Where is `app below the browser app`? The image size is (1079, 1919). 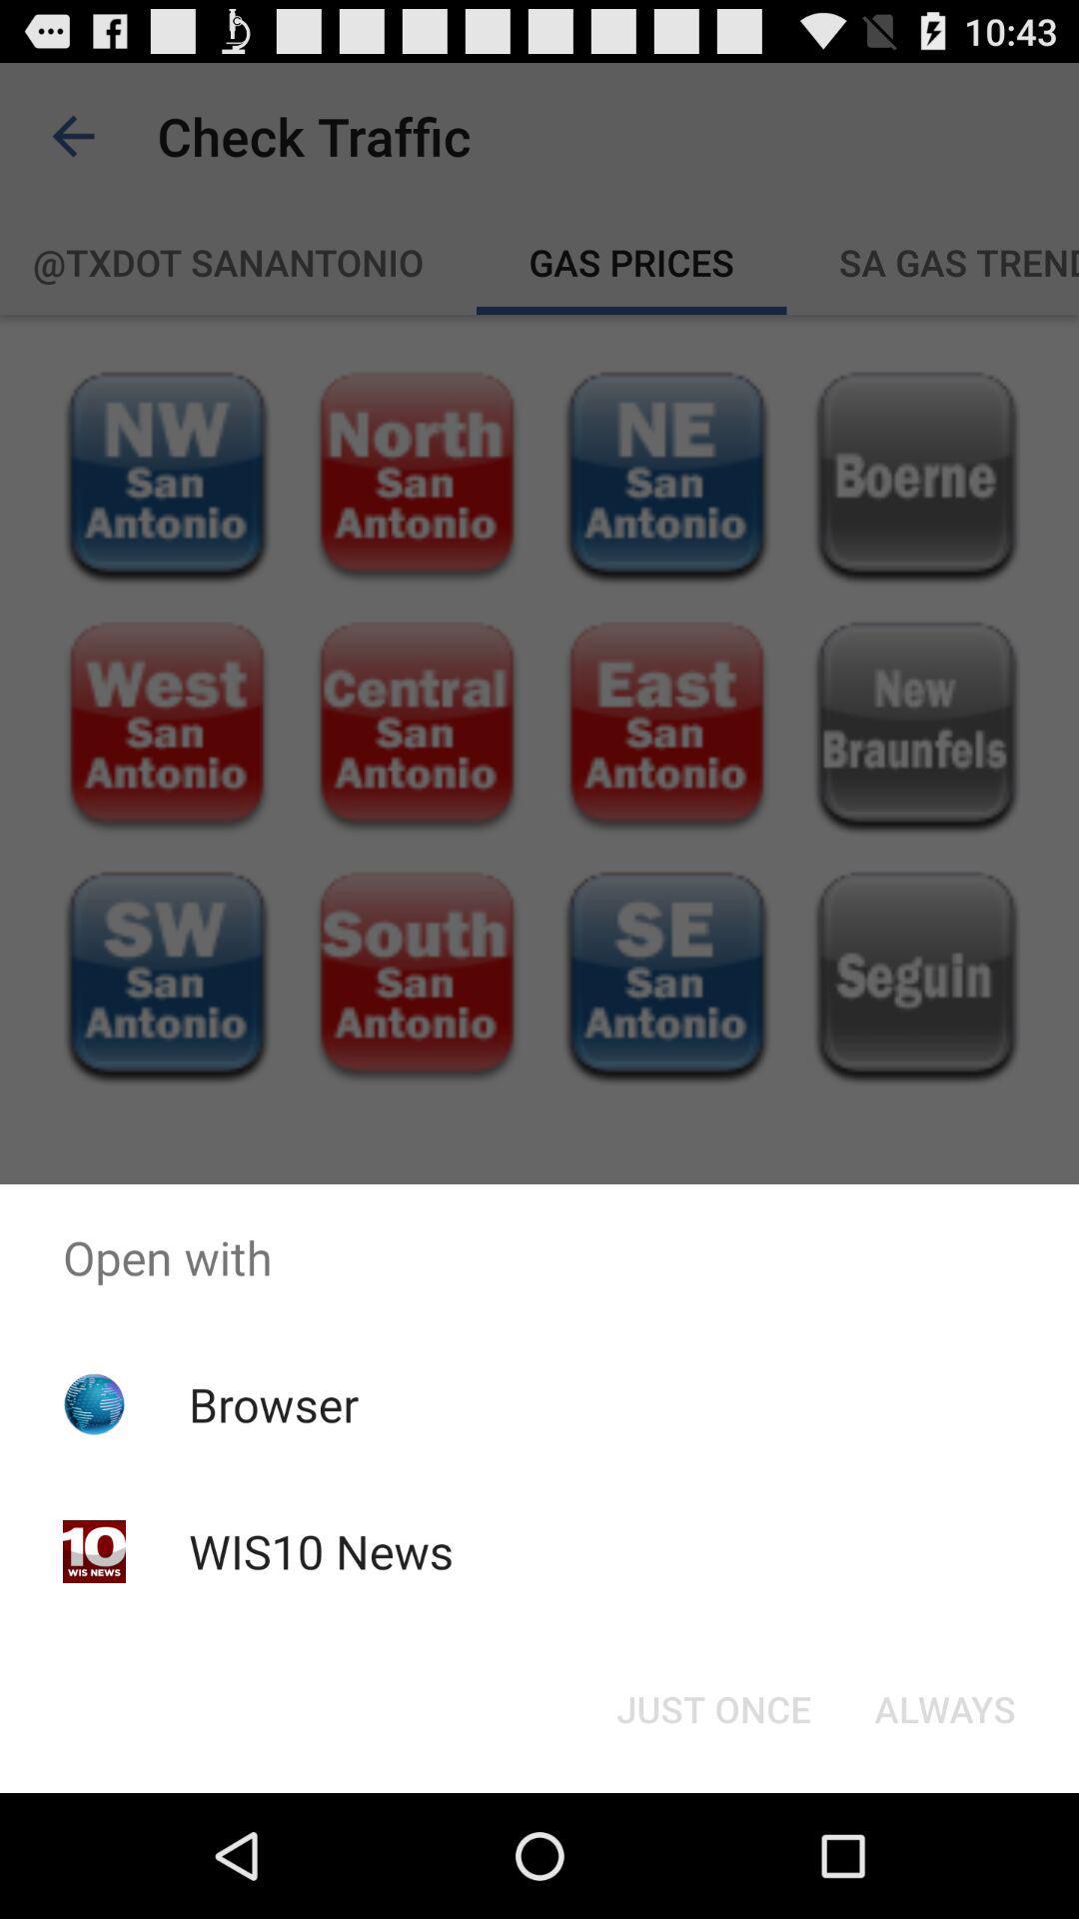
app below the browser app is located at coordinates (320, 1550).